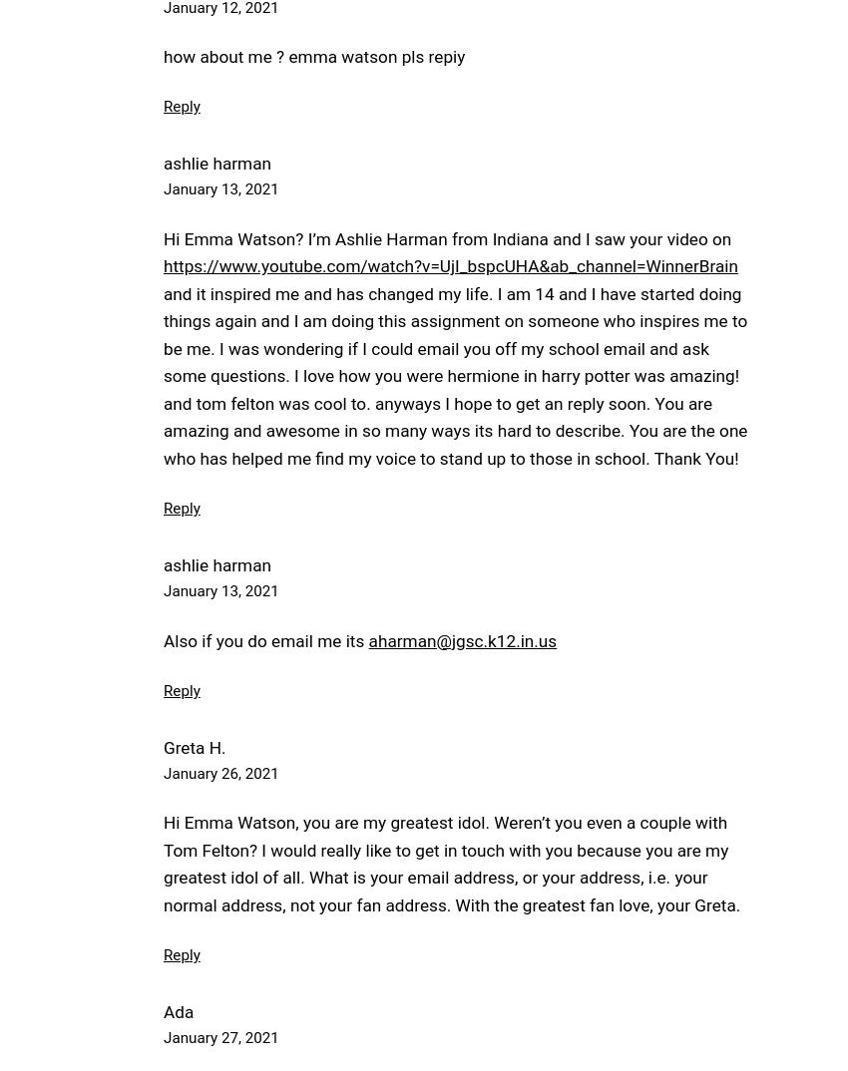 The width and height of the screenshot is (848, 1071). What do you see at coordinates (163, 862) in the screenshot?
I see `'Hi Emma Watson, you are my greatest idol. Weren’t you even a couple with Tom Felton? I would really like to get in touch with you because you are my greatest idol of all. What is your email address, or your address, i.e. your normal address, not your fan address. With the greatest fan love, your Greta.'` at bounding box center [163, 862].